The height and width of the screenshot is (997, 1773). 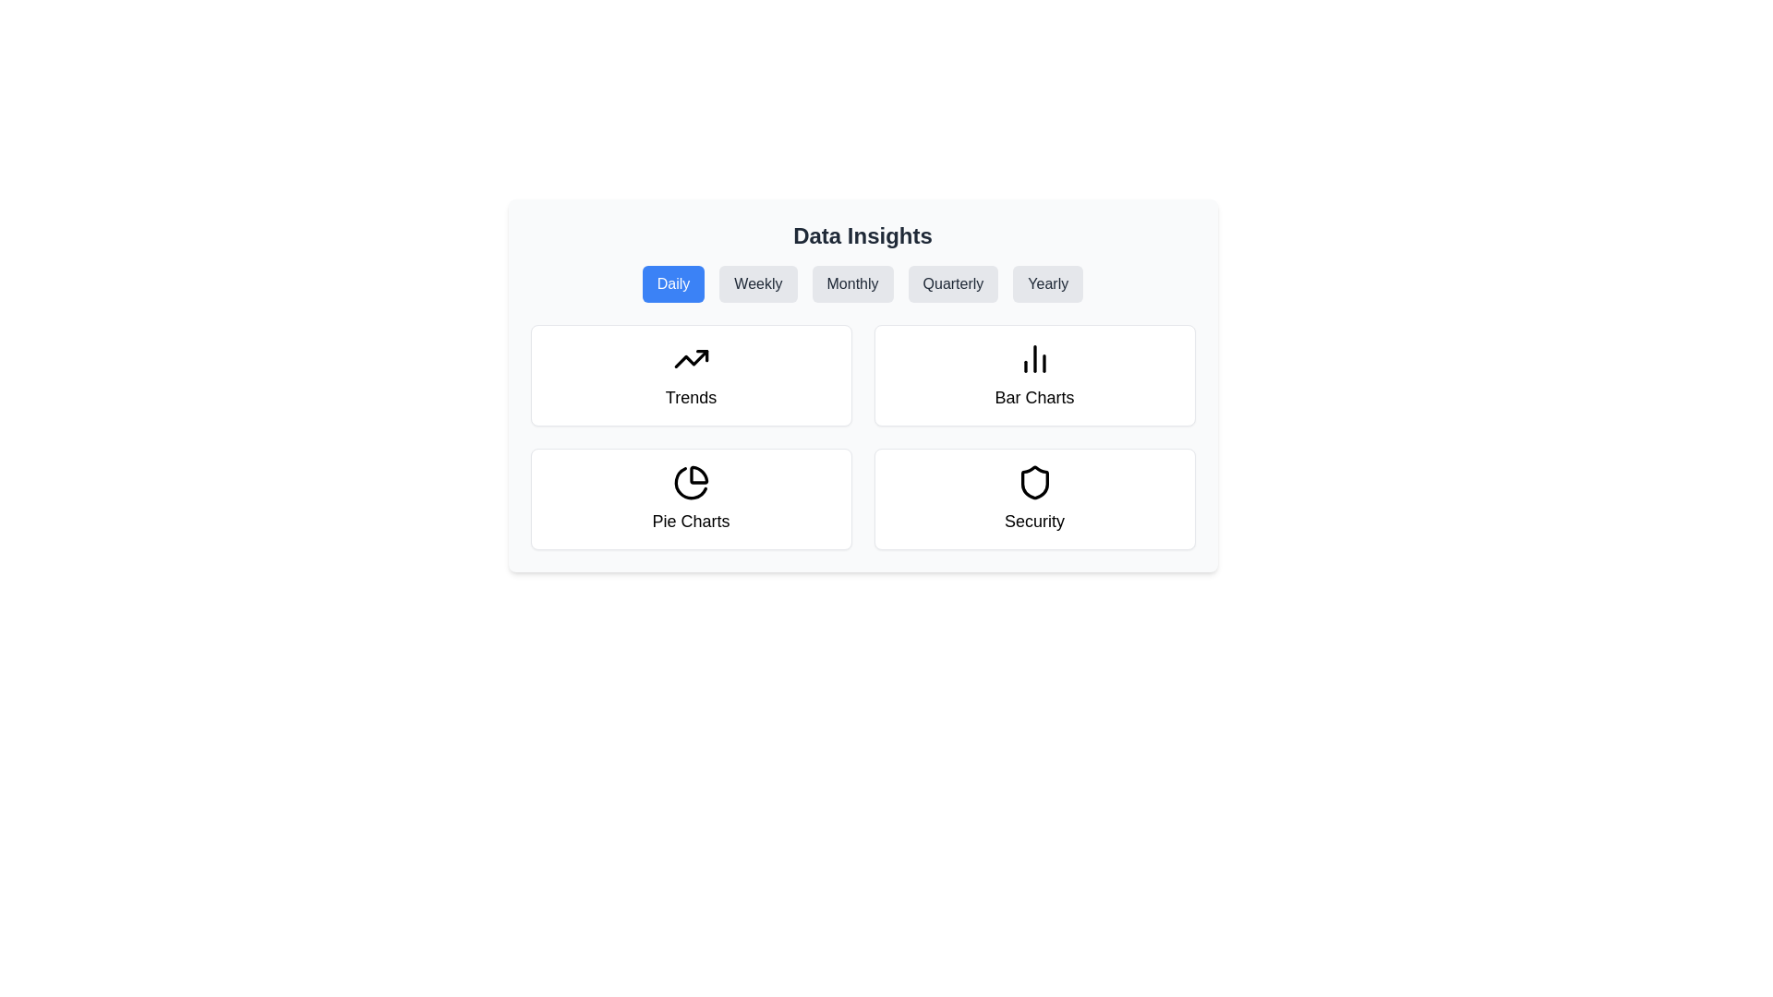 What do you see at coordinates (689, 482) in the screenshot?
I see `the icon representing the 'Pie Charts' section, which is positioned in the lower-left quadrant under the label 'Pie Charts'` at bounding box center [689, 482].